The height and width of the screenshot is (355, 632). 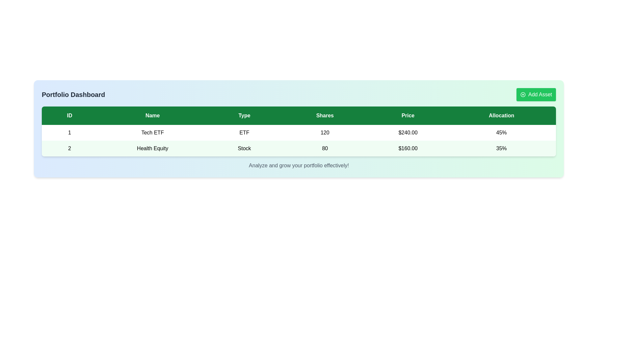 What do you see at coordinates (325, 133) in the screenshot?
I see `number '120' displayed in black color within the 'Shares' column of the first row corresponding to 'Tech ETF' in the data table` at bounding box center [325, 133].